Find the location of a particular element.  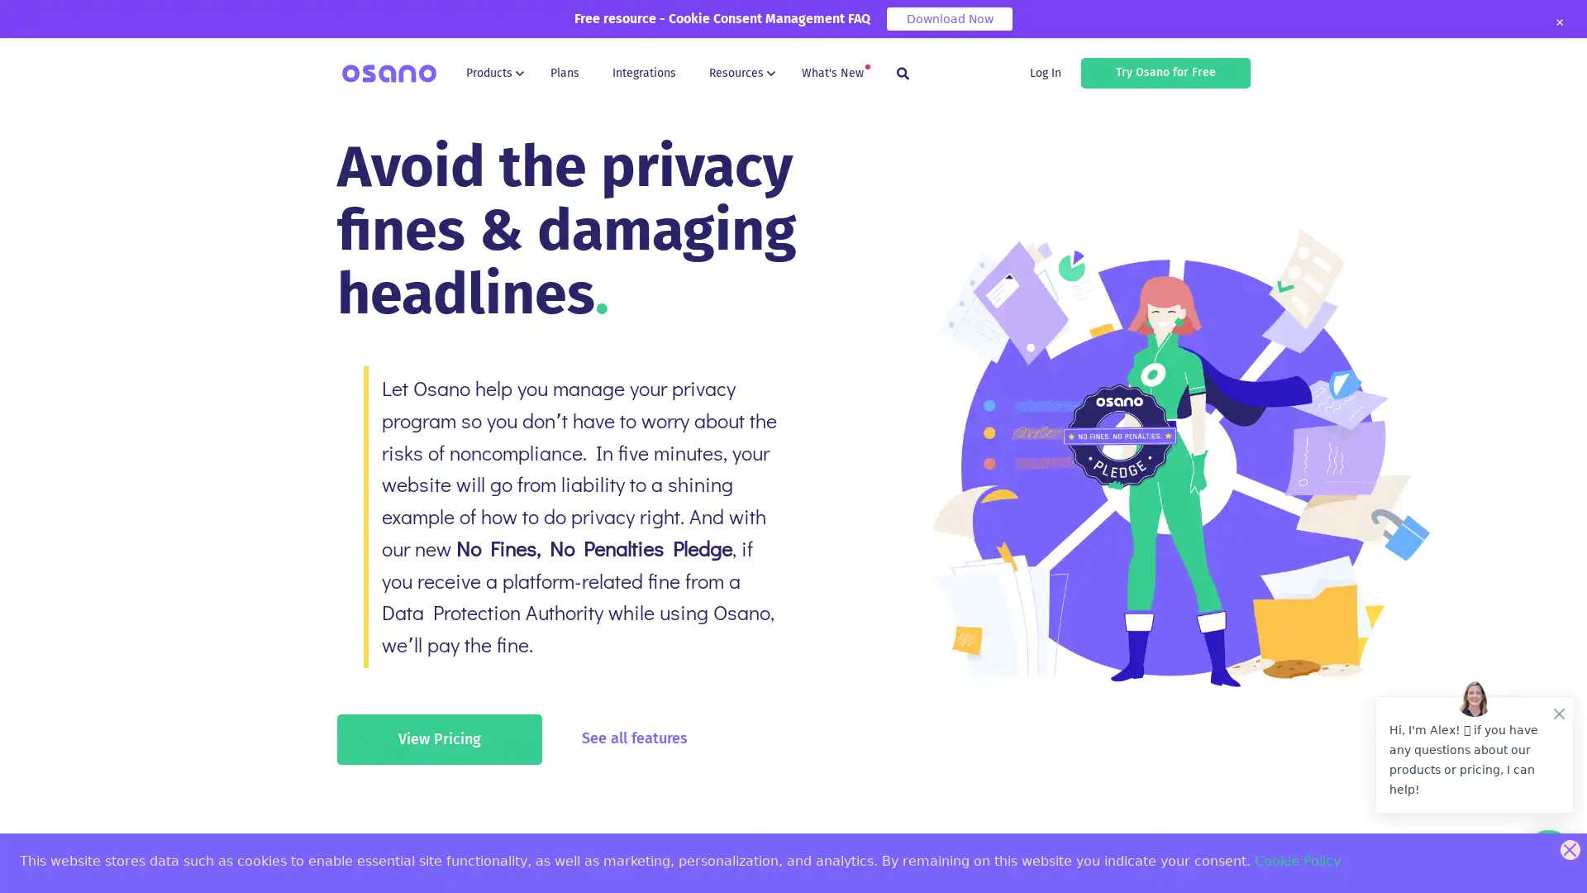

Cookie Preferences is located at coordinates (26, 866).